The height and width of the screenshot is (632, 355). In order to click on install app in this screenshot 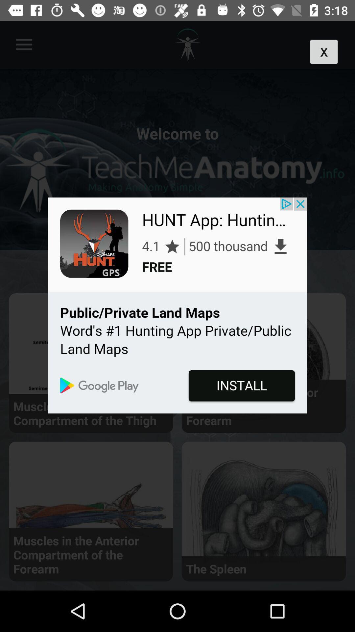, I will do `click(177, 305)`.